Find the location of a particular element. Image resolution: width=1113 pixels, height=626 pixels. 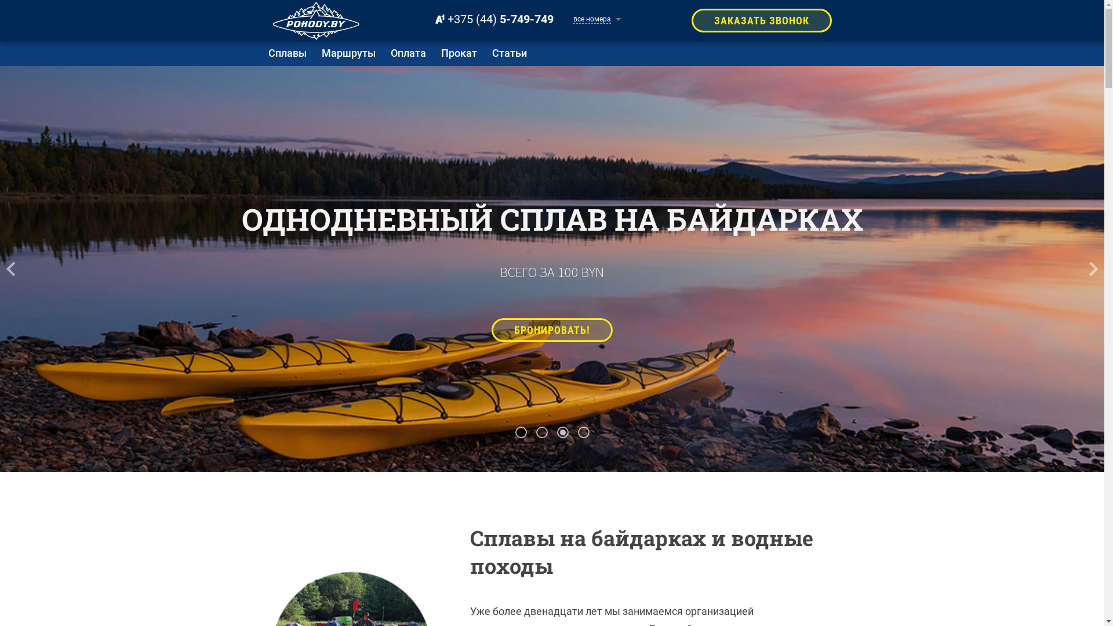

'next' is located at coordinates (1083, 268).